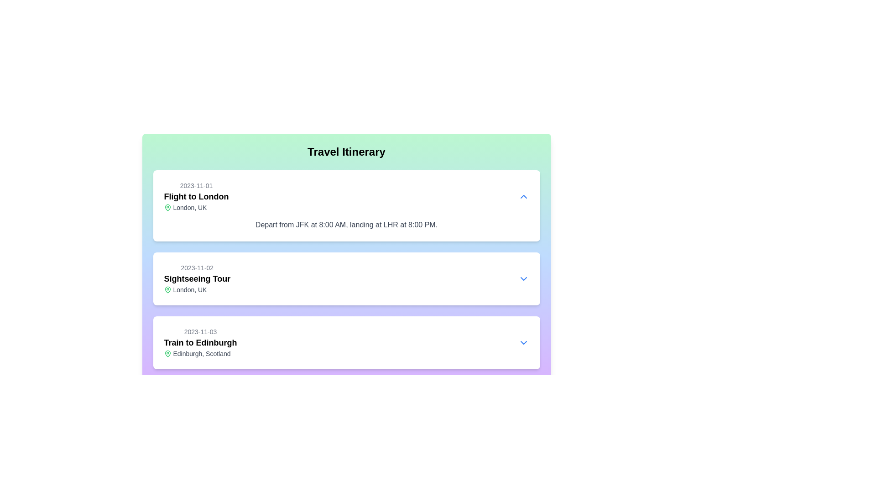  What do you see at coordinates (346, 225) in the screenshot?
I see `text content of the Text Label providing flight details for the 'Flight to London' event, which is located below the title and date information` at bounding box center [346, 225].